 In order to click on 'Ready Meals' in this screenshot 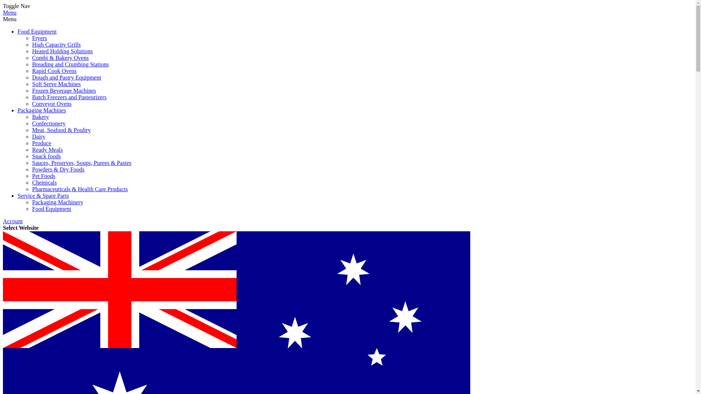, I will do `click(47, 149)`.